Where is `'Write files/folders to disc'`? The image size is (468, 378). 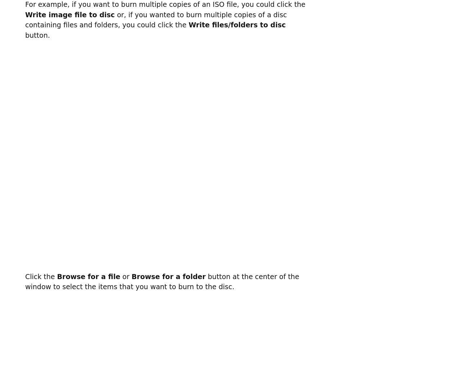
'Write files/folders to disc' is located at coordinates (237, 24).